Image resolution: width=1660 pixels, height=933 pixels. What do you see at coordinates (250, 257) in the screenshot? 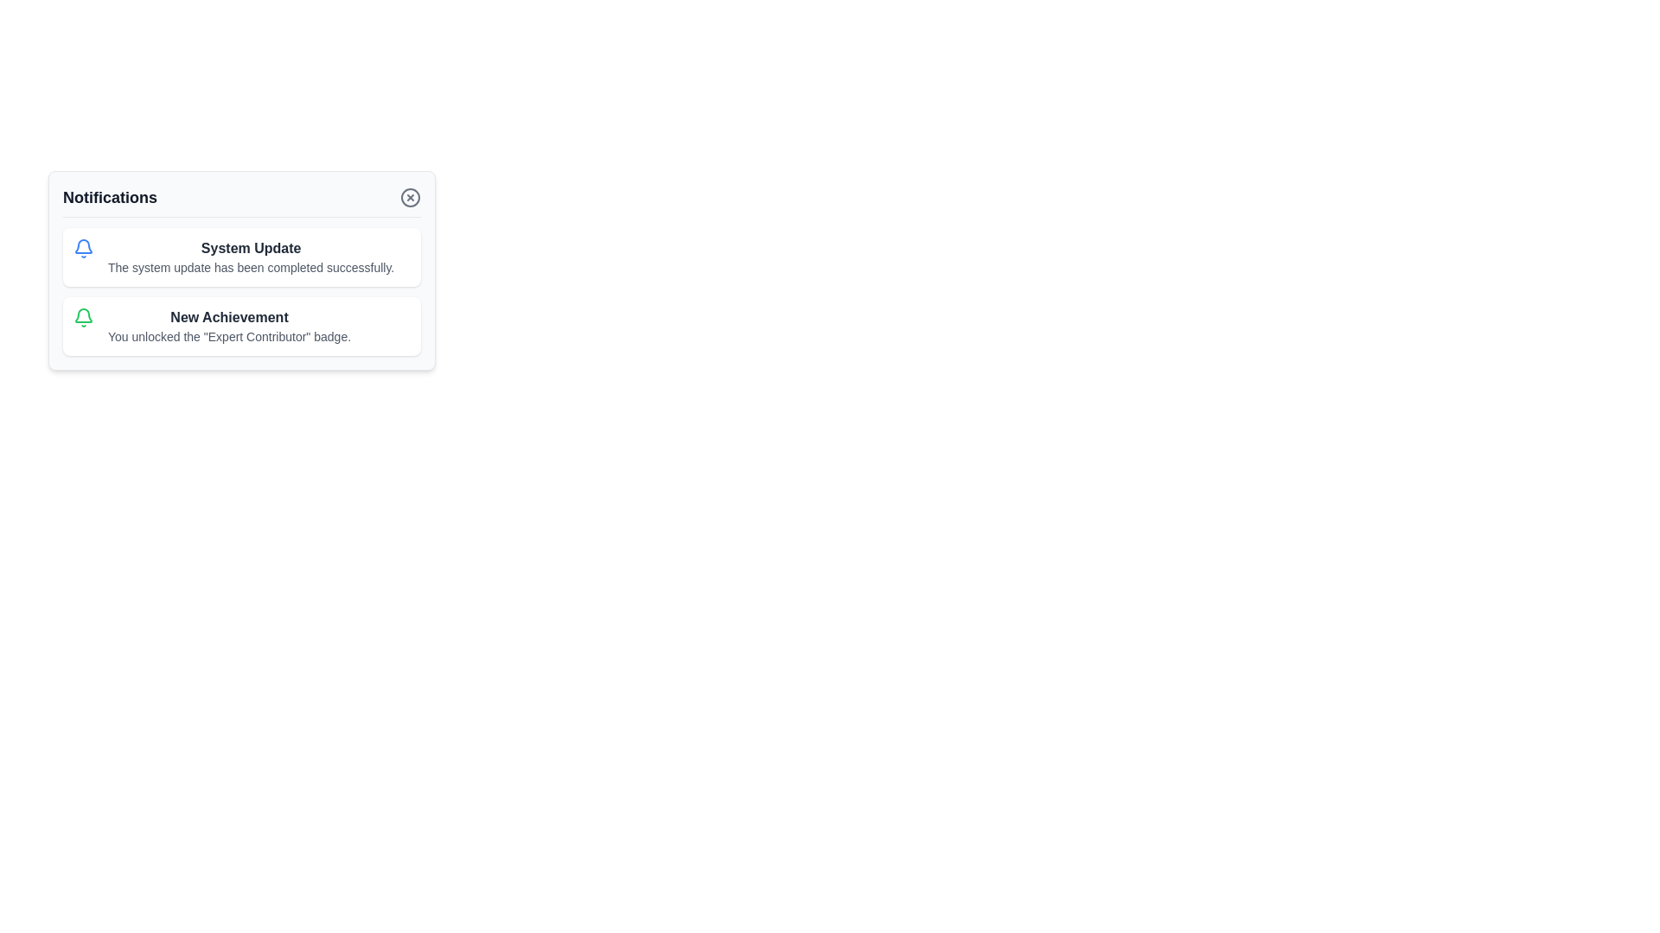
I see `the text block displaying 'System Update' which contains two lines of text, indicating a completed system update notification` at bounding box center [250, 257].